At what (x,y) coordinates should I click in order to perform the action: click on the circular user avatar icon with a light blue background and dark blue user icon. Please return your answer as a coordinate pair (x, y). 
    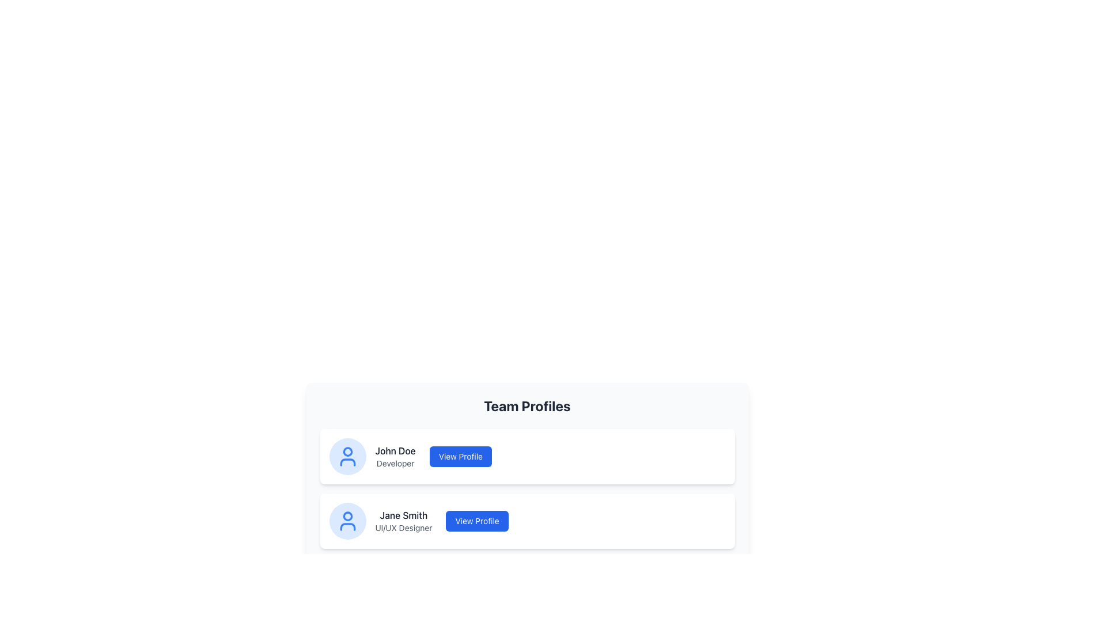
    Looking at the image, I should click on (347, 456).